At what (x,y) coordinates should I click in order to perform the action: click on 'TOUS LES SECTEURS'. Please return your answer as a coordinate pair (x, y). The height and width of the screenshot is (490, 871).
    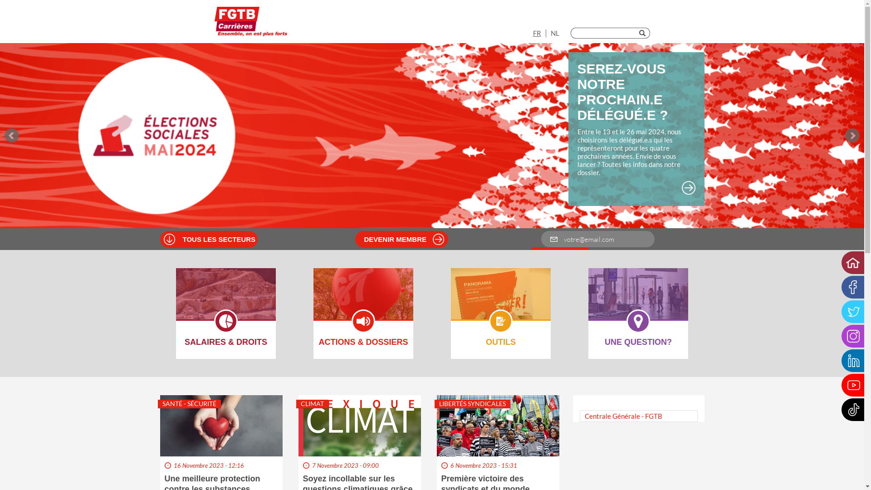
    Looking at the image, I should click on (182, 239).